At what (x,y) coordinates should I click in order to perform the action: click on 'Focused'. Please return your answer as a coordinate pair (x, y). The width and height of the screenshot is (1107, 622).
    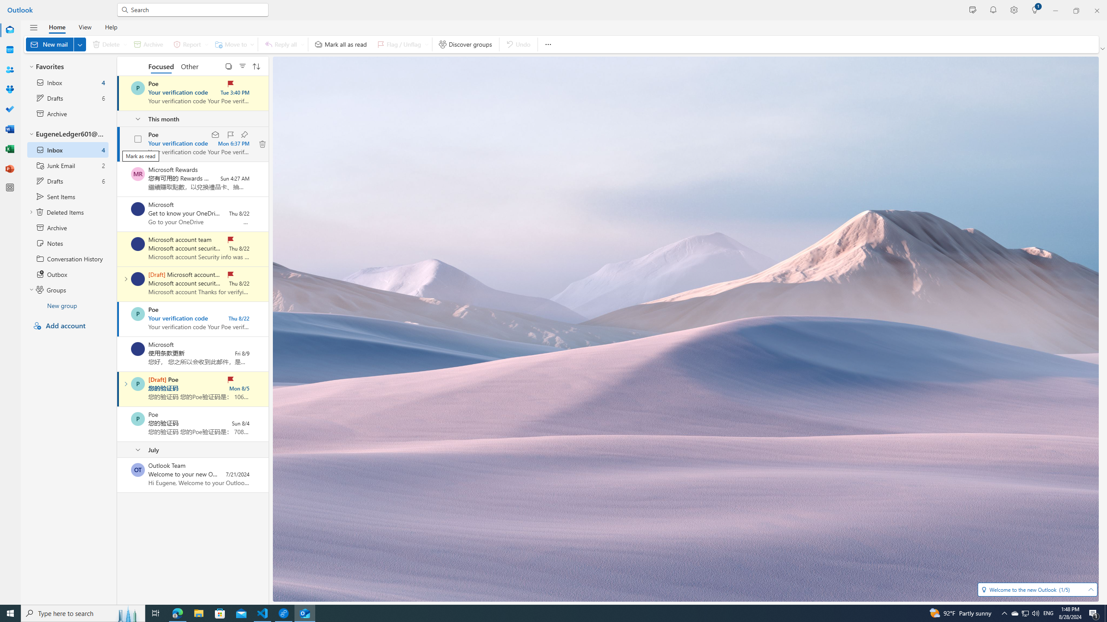
    Looking at the image, I should click on (161, 66).